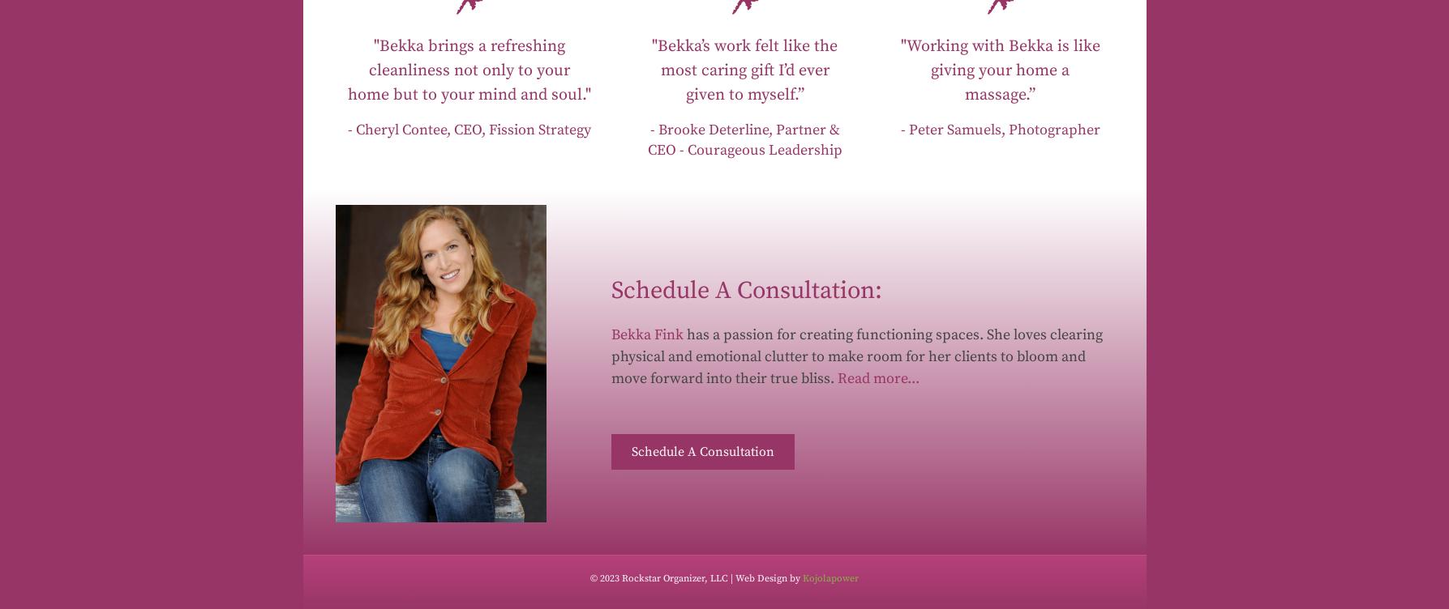  What do you see at coordinates (877, 377) in the screenshot?
I see `'Read more...'` at bounding box center [877, 377].